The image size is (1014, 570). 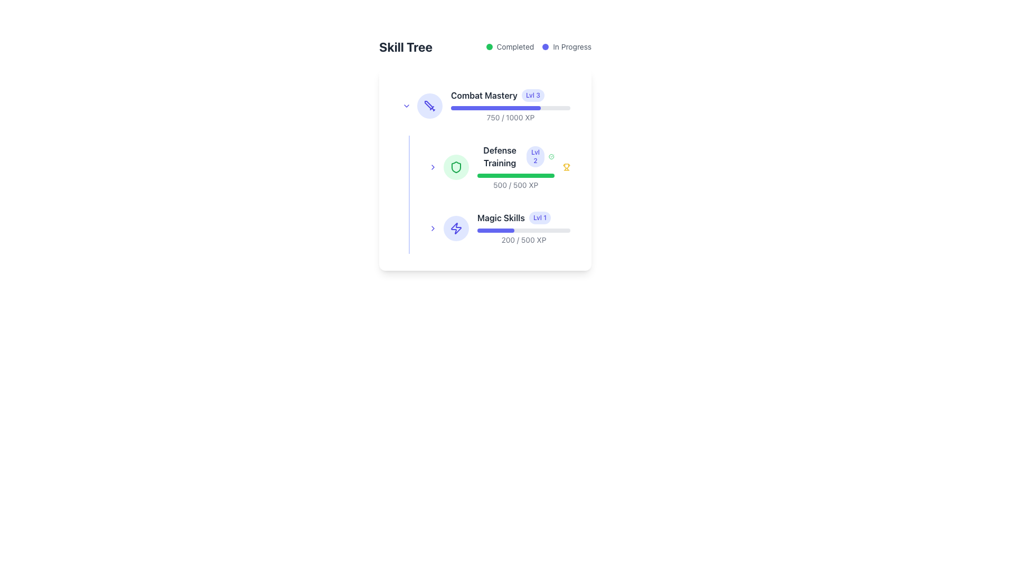 I want to click on text 'Lvl 3' from the small pill-shaped badge with a light indigo background located to the immediate right of 'Combat Mastery' in the skill tree section, so click(x=533, y=96).